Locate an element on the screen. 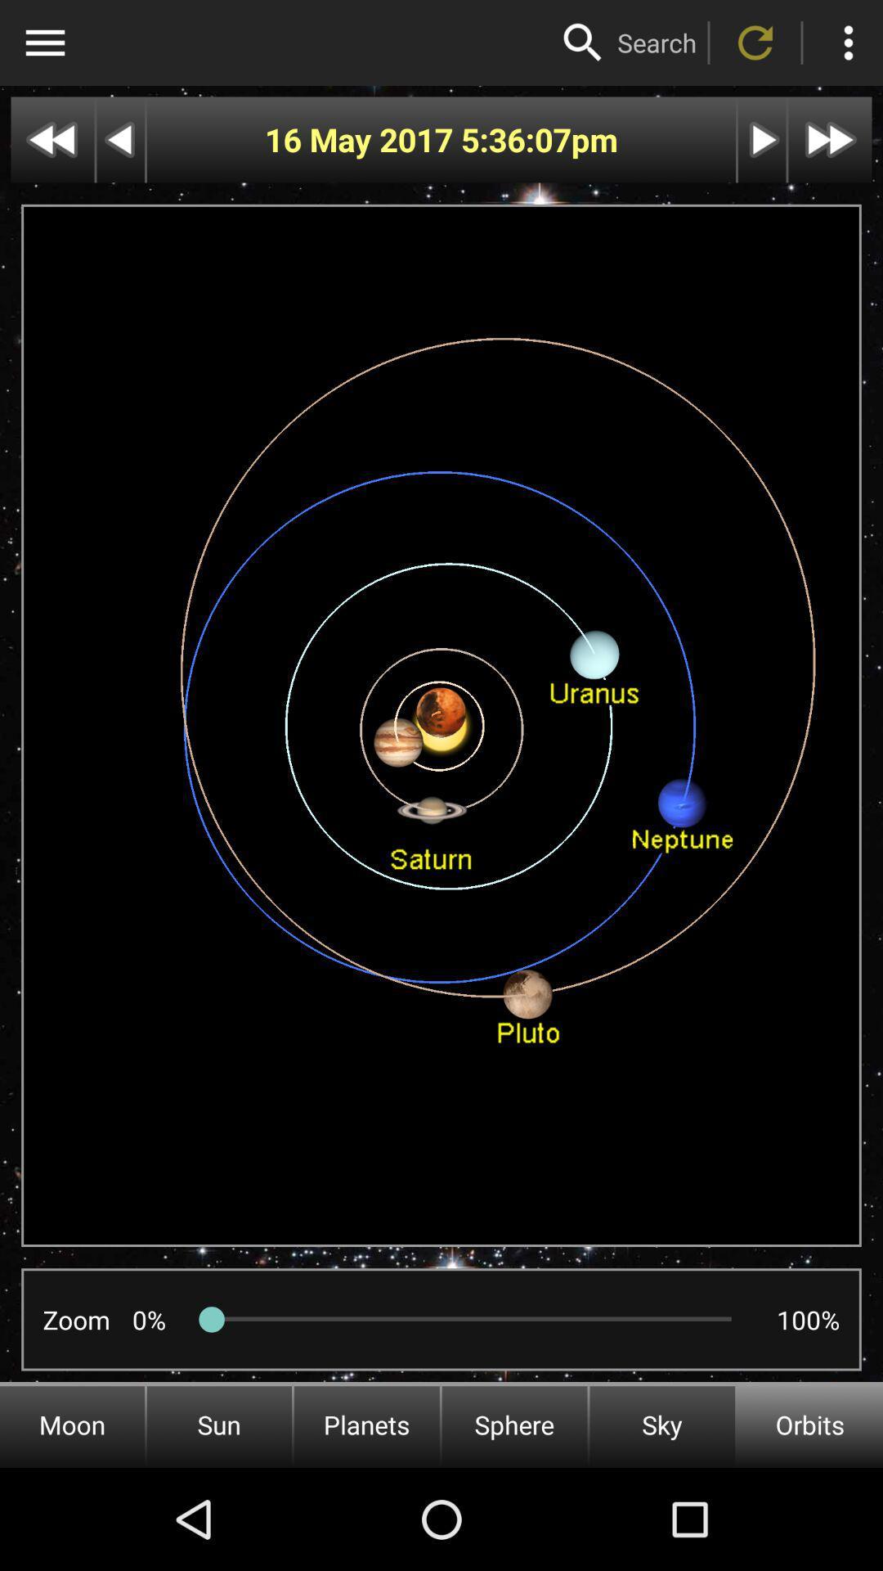  the app above pm is located at coordinates (656, 43).